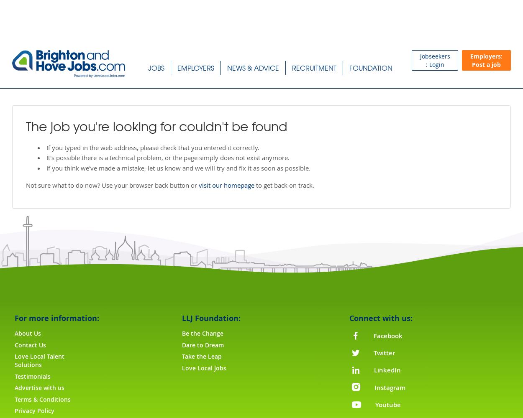 This screenshot has height=418, width=523. What do you see at coordinates (387, 370) in the screenshot?
I see `'LinkedIn'` at bounding box center [387, 370].